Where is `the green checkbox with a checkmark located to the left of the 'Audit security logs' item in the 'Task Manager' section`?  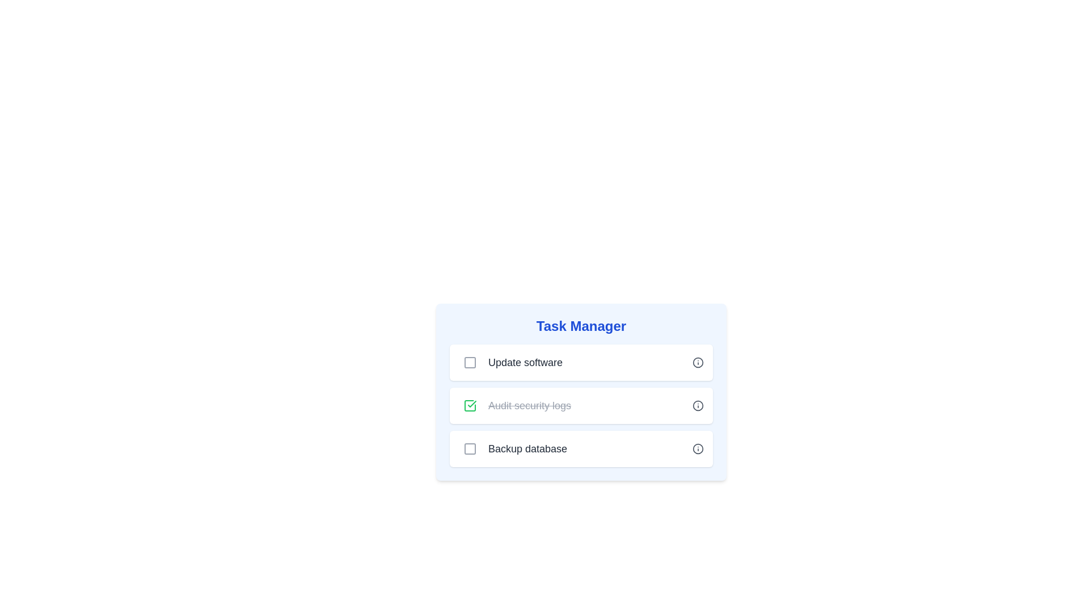
the green checkbox with a checkmark located to the left of the 'Audit security logs' item in the 'Task Manager' section is located at coordinates (470, 405).